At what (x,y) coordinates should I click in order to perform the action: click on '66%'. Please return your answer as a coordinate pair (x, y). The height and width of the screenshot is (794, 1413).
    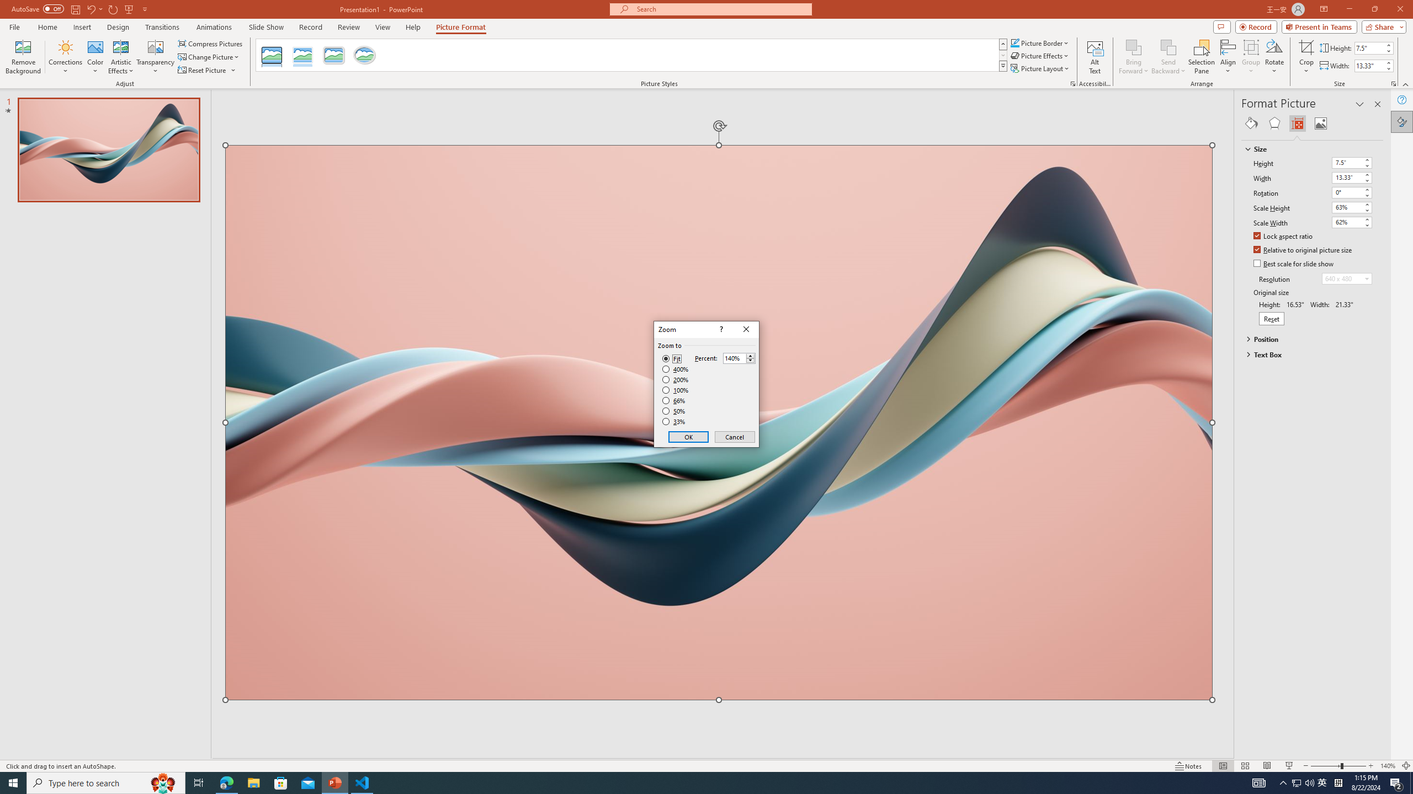
    Looking at the image, I should click on (674, 400).